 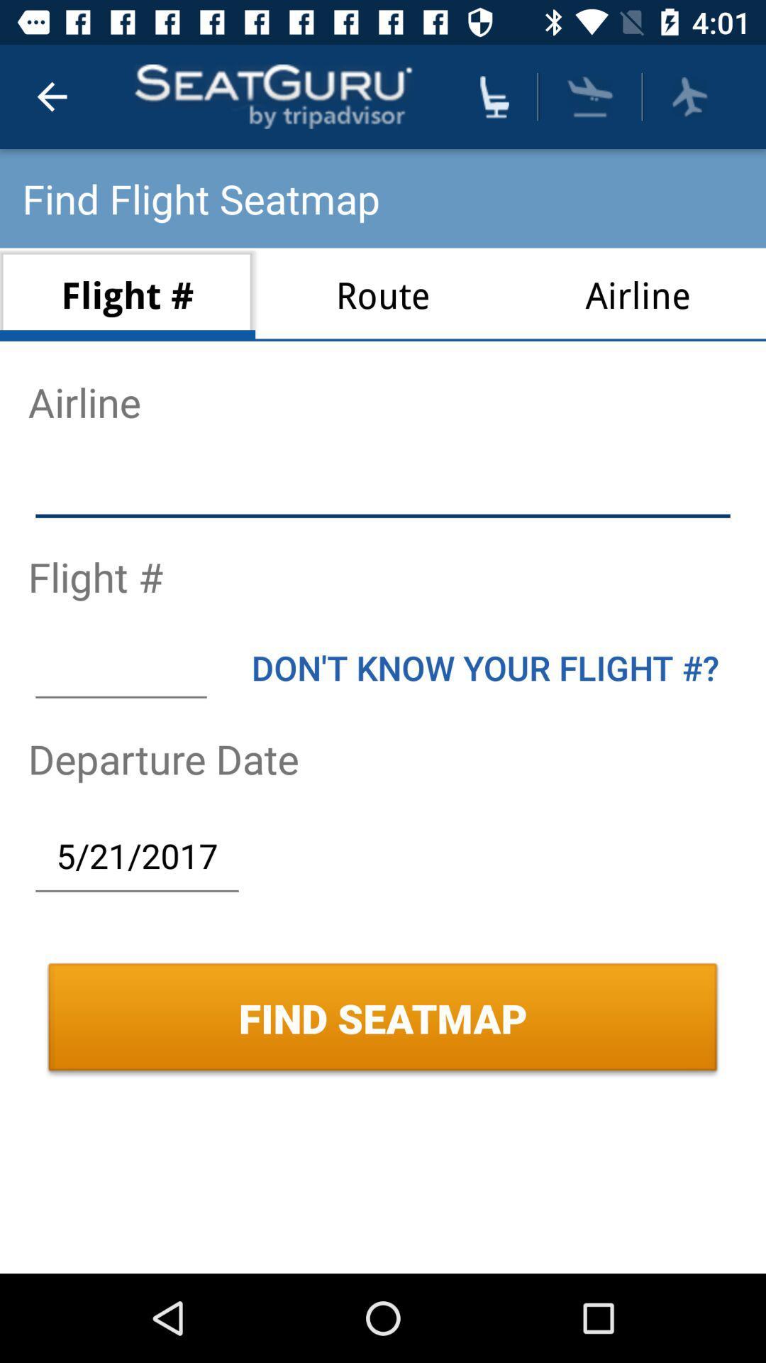 What do you see at coordinates (484, 667) in the screenshot?
I see `the don t know` at bounding box center [484, 667].